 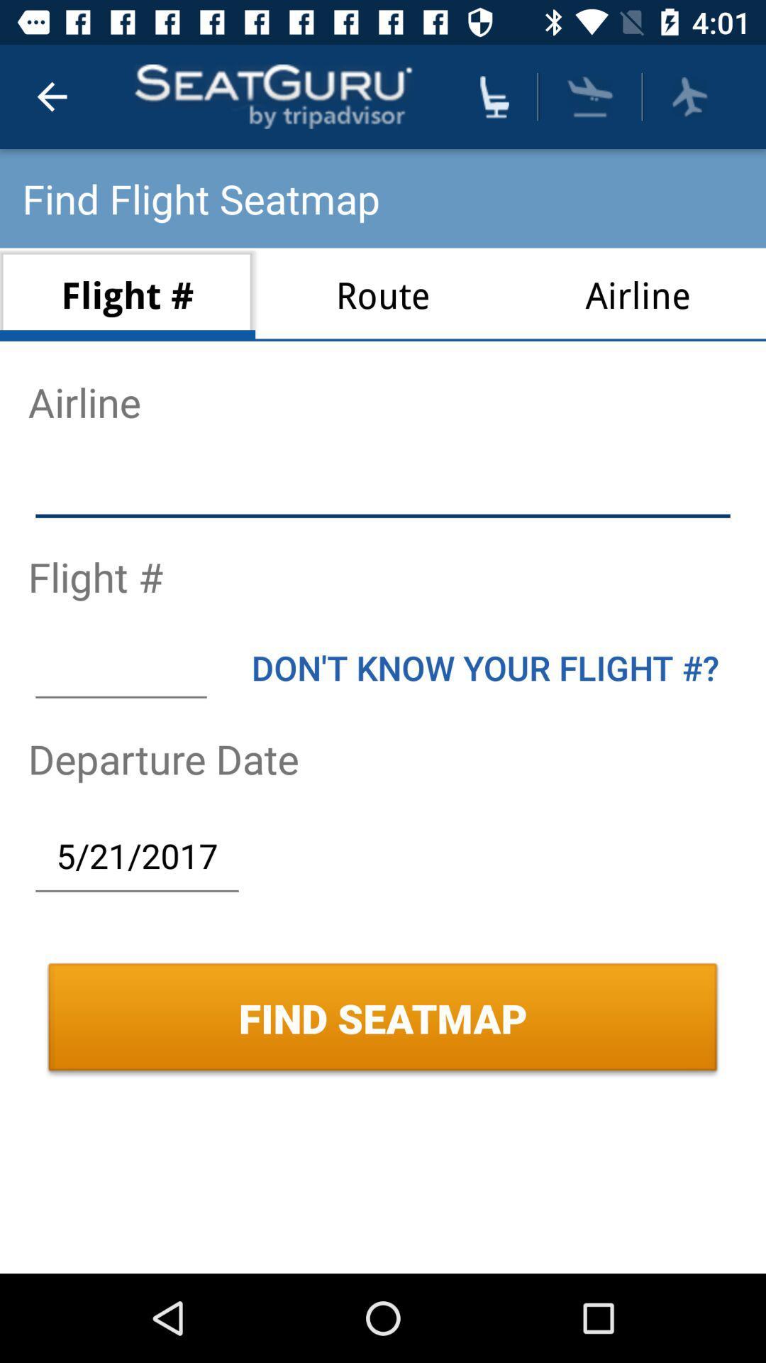 What do you see at coordinates (484, 667) in the screenshot?
I see `the don t know` at bounding box center [484, 667].